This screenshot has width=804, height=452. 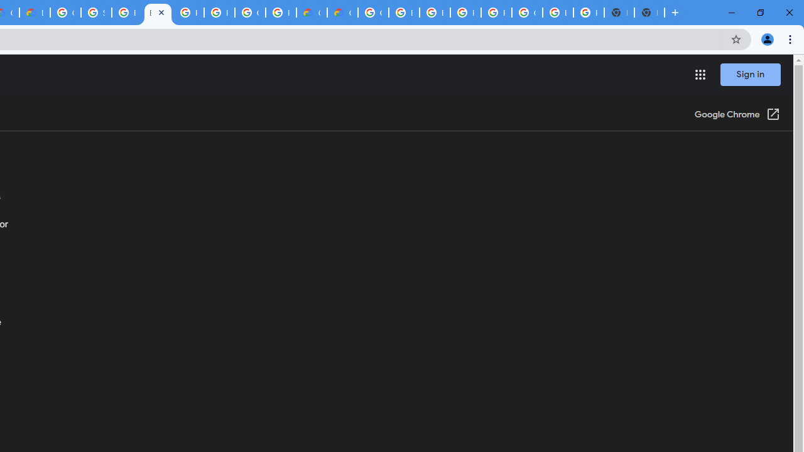 What do you see at coordinates (372, 13) in the screenshot?
I see `'Google Cloud Platform'` at bounding box center [372, 13].